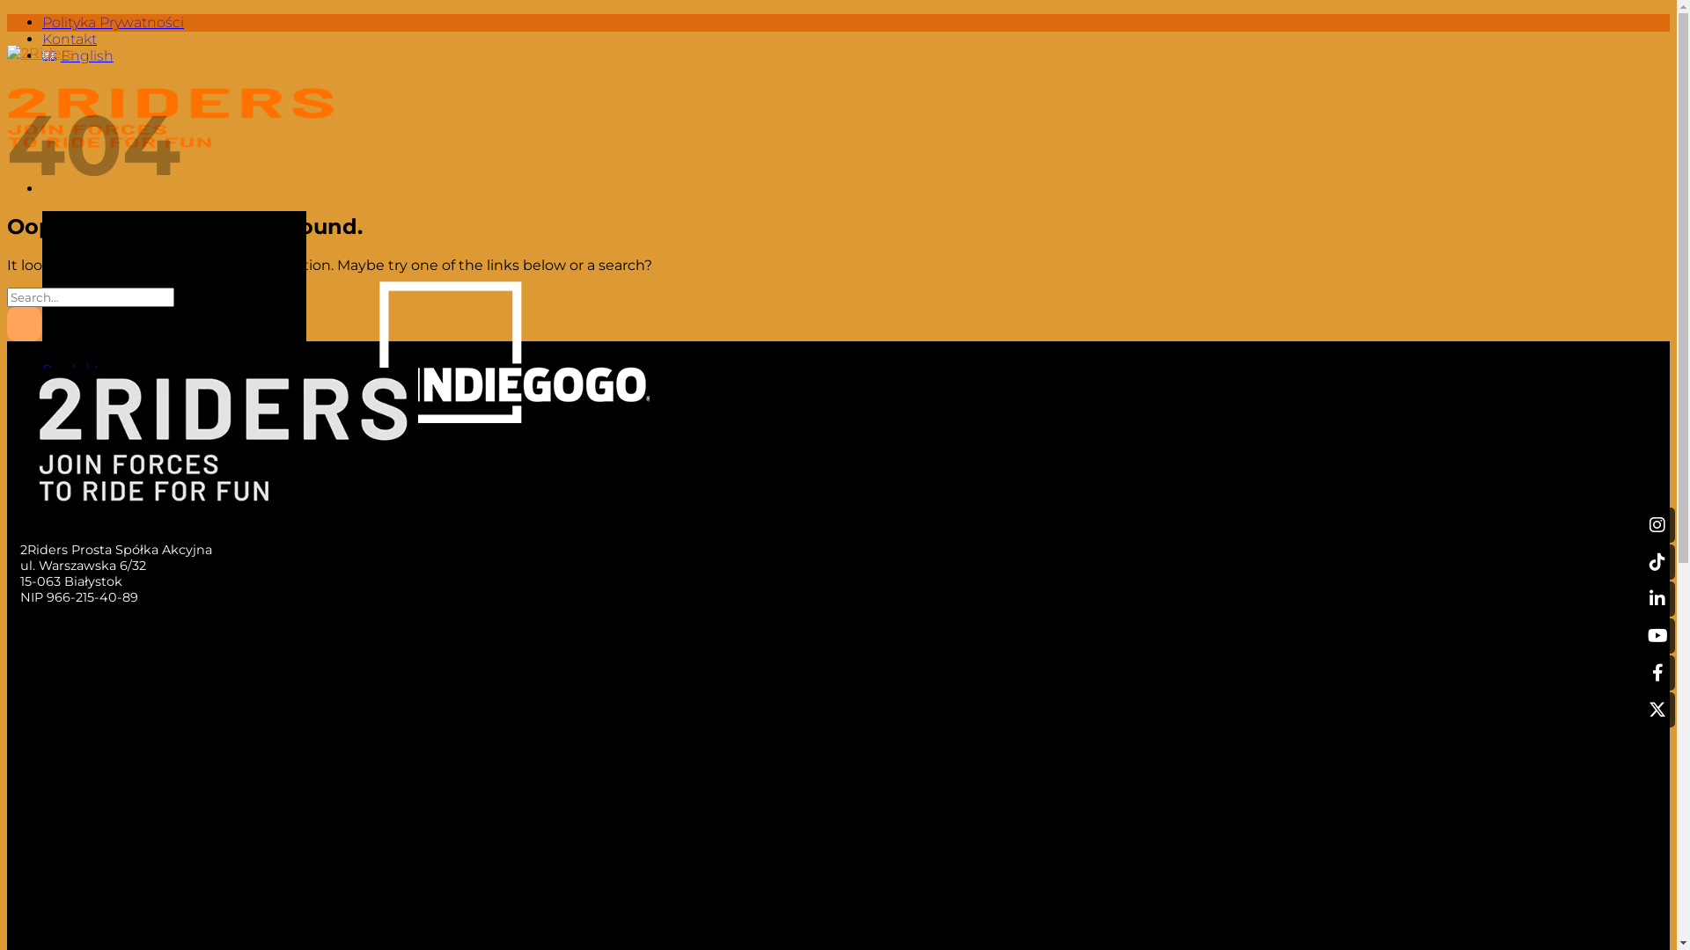 The image size is (1690, 950). Describe the element at coordinates (75, 385) in the screenshot. I see `'Pre-order'` at that location.